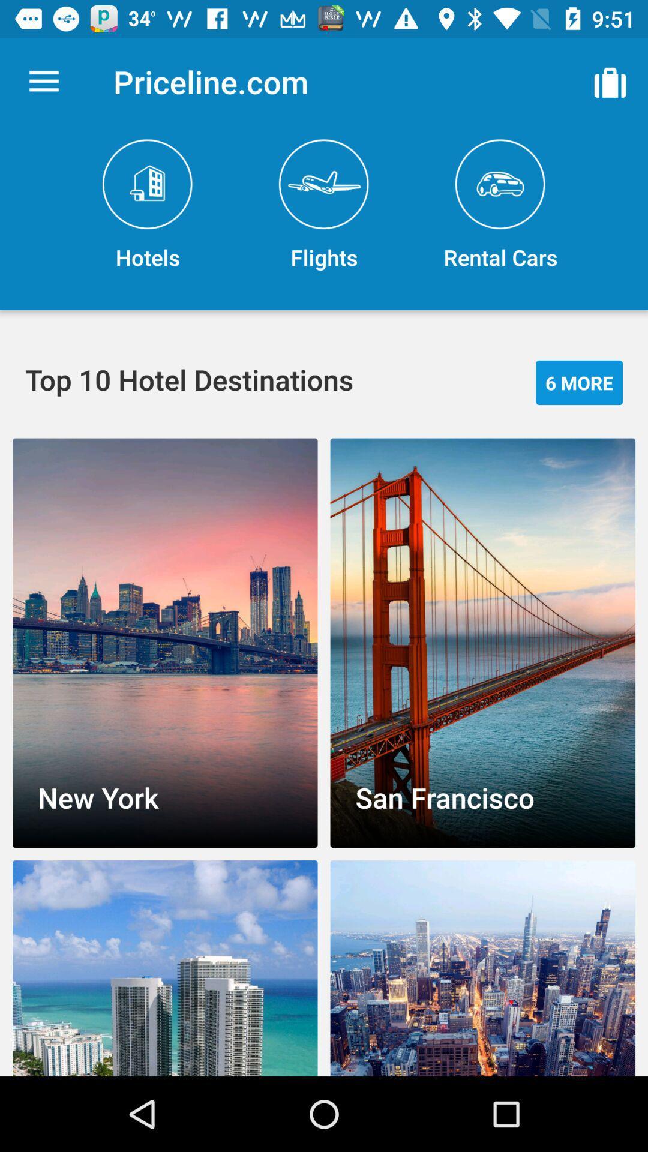  What do you see at coordinates (147, 205) in the screenshot?
I see `item above the top 10 hotel` at bounding box center [147, 205].